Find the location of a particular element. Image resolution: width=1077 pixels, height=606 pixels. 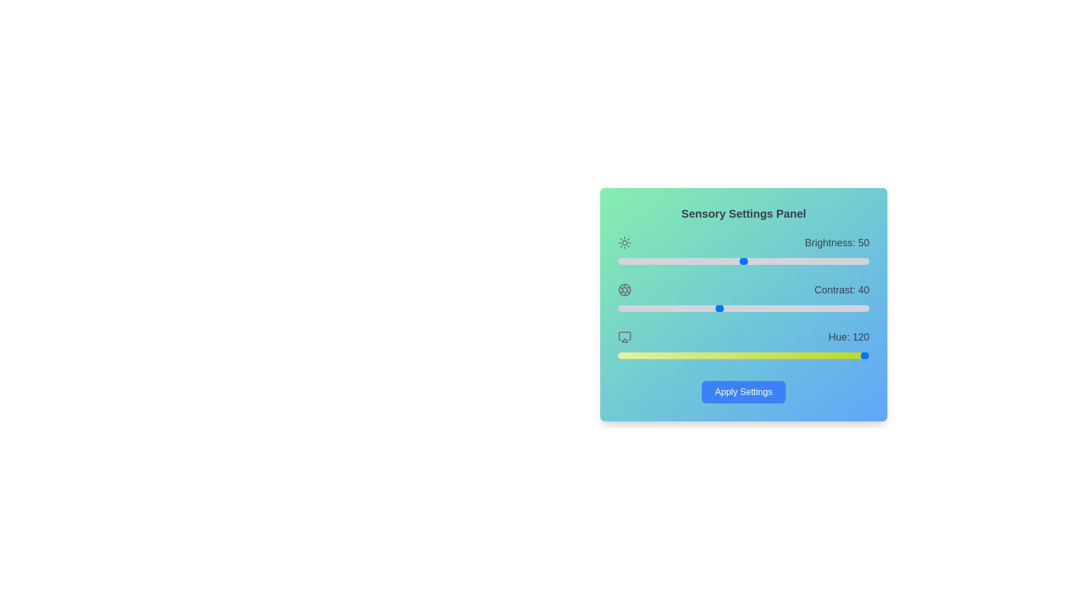

the hue slider to 301 is located at coordinates (828, 355).